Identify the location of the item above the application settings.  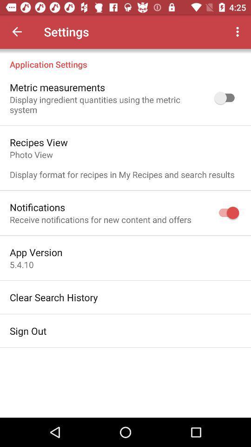
(17, 32).